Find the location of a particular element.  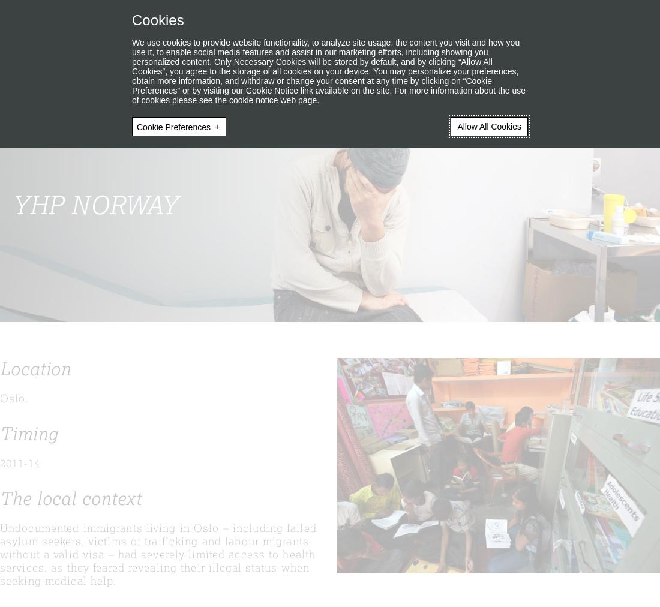

'About YHP' is located at coordinates (578, 63).